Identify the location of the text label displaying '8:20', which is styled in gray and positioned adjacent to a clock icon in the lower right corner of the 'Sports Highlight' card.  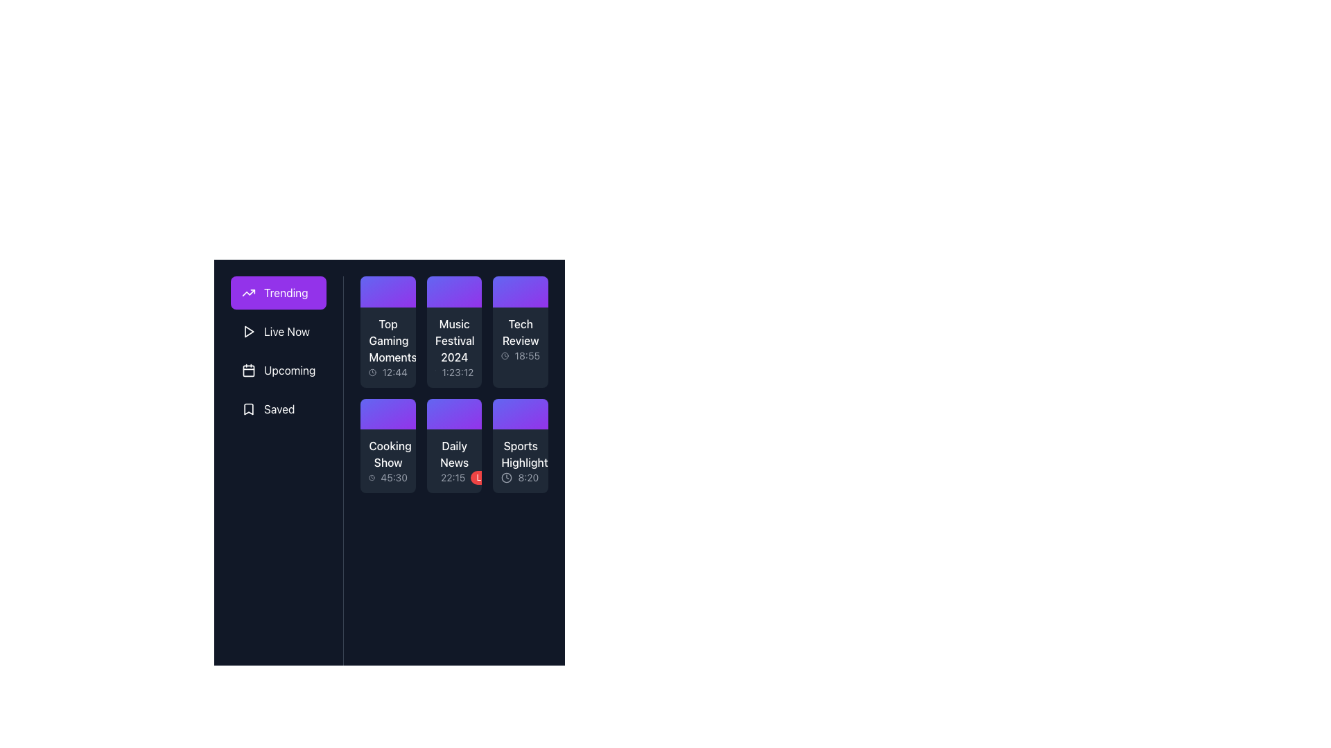
(520, 477).